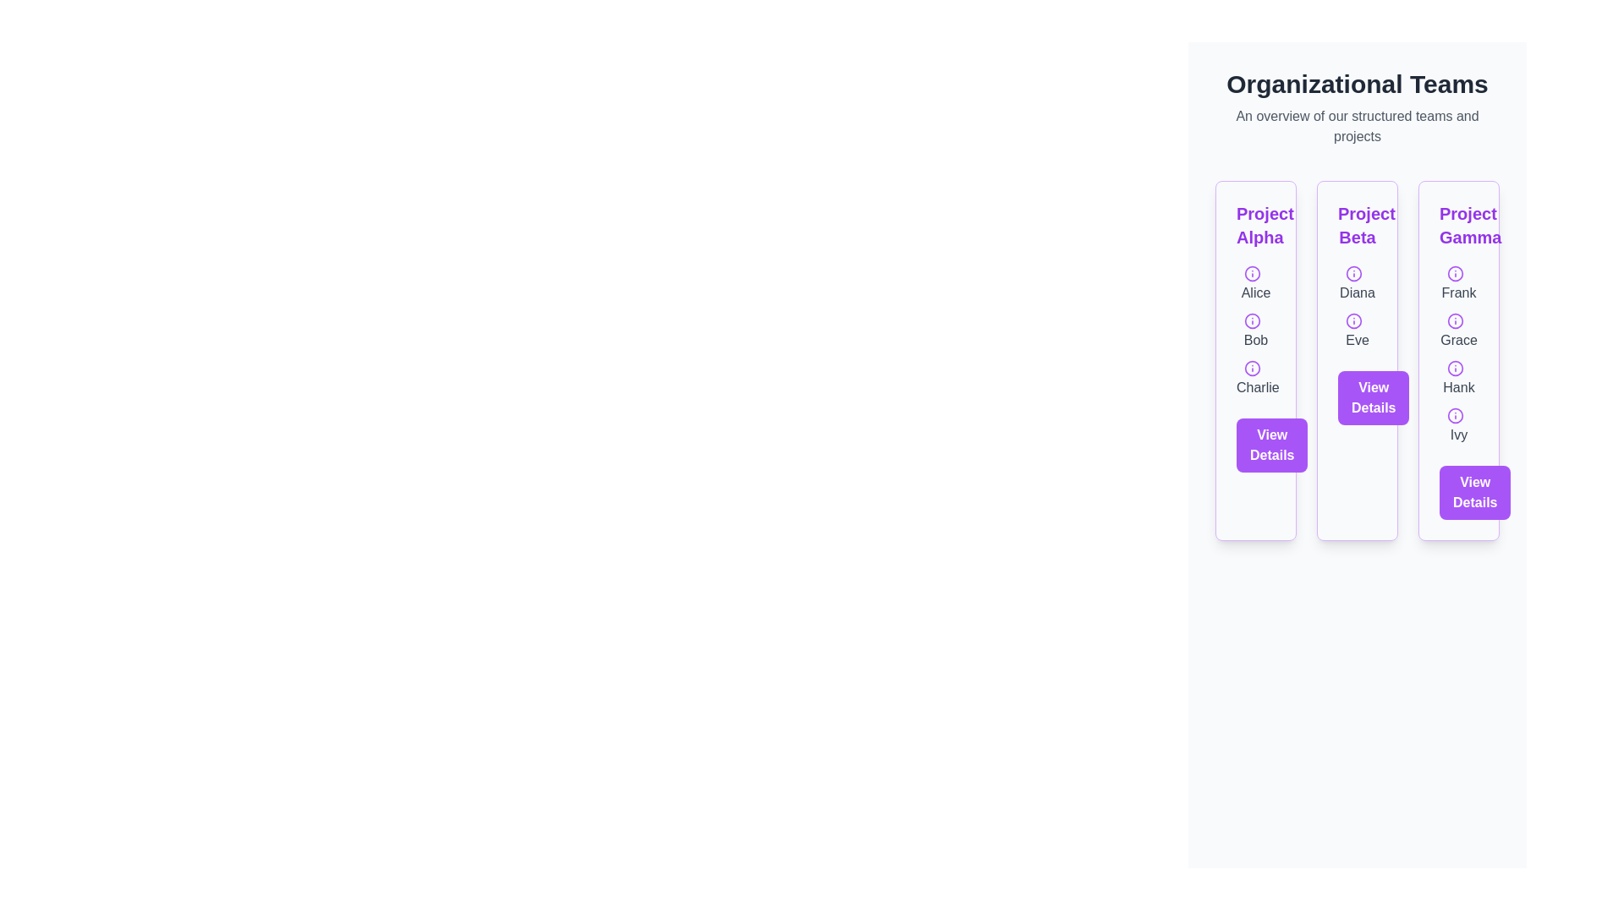 The height and width of the screenshot is (913, 1624). Describe the element at coordinates (1357, 282) in the screenshot. I see `the Text Label displaying the name 'Diana' associated with 'Project Beta', located in the second column above 'Eve' and below a purple information icon` at that location.